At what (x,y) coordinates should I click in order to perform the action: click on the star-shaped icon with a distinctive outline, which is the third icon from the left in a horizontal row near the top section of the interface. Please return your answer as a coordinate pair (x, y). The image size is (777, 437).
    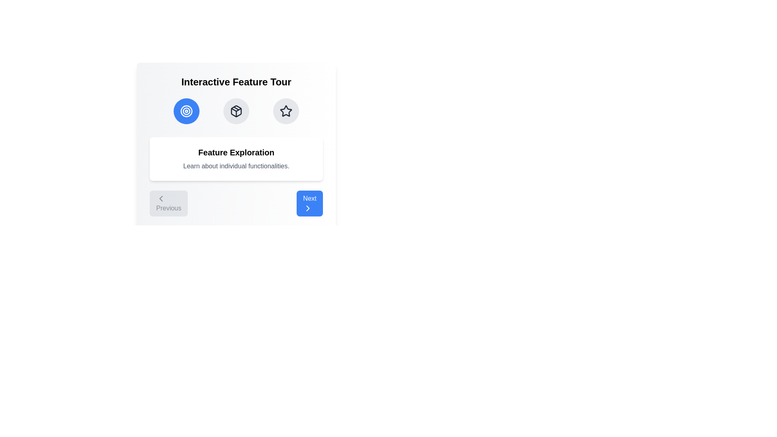
    Looking at the image, I should click on (286, 111).